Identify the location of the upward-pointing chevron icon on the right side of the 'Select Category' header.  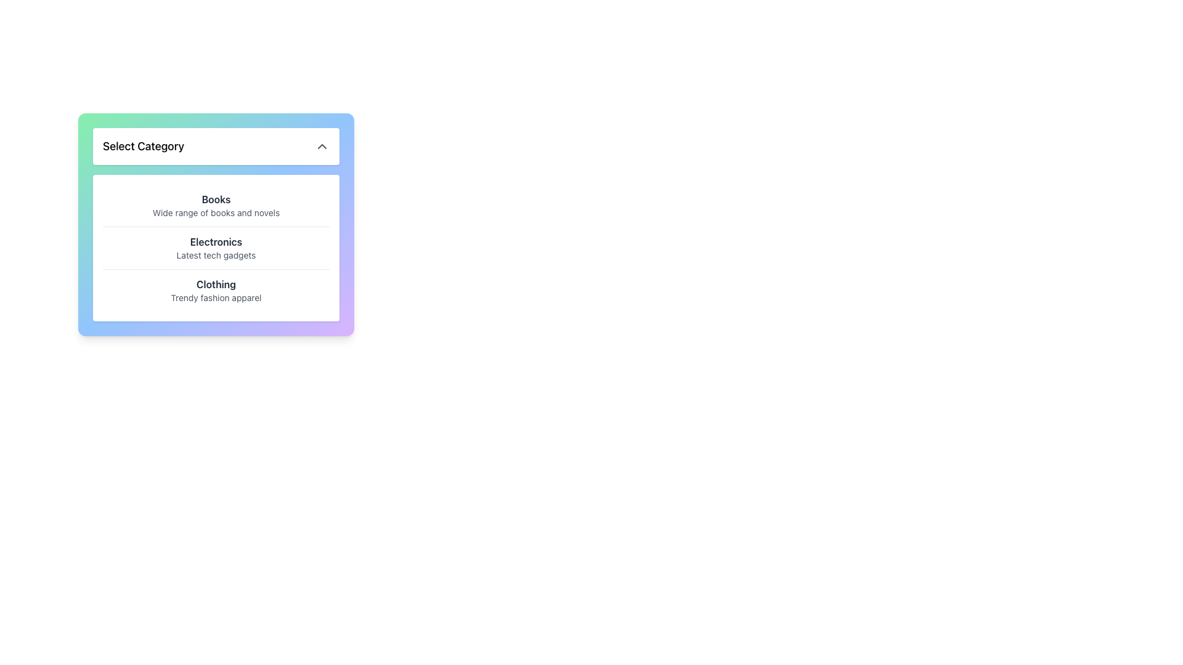
(322, 146).